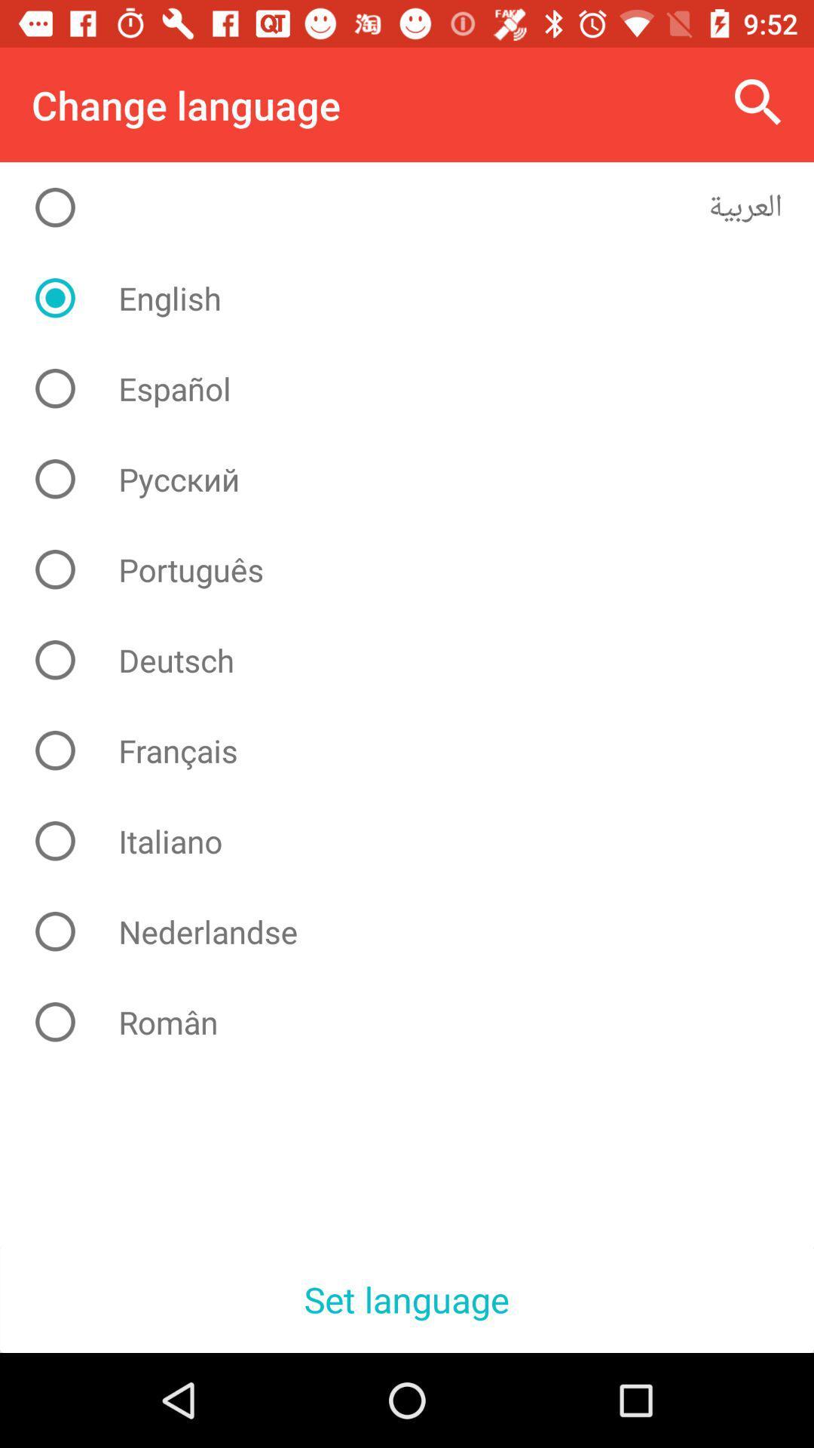 This screenshot has width=814, height=1448. What do you see at coordinates (418, 931) in the screenshot?
I see `icon below italiano` at bounding box center [418, 931].